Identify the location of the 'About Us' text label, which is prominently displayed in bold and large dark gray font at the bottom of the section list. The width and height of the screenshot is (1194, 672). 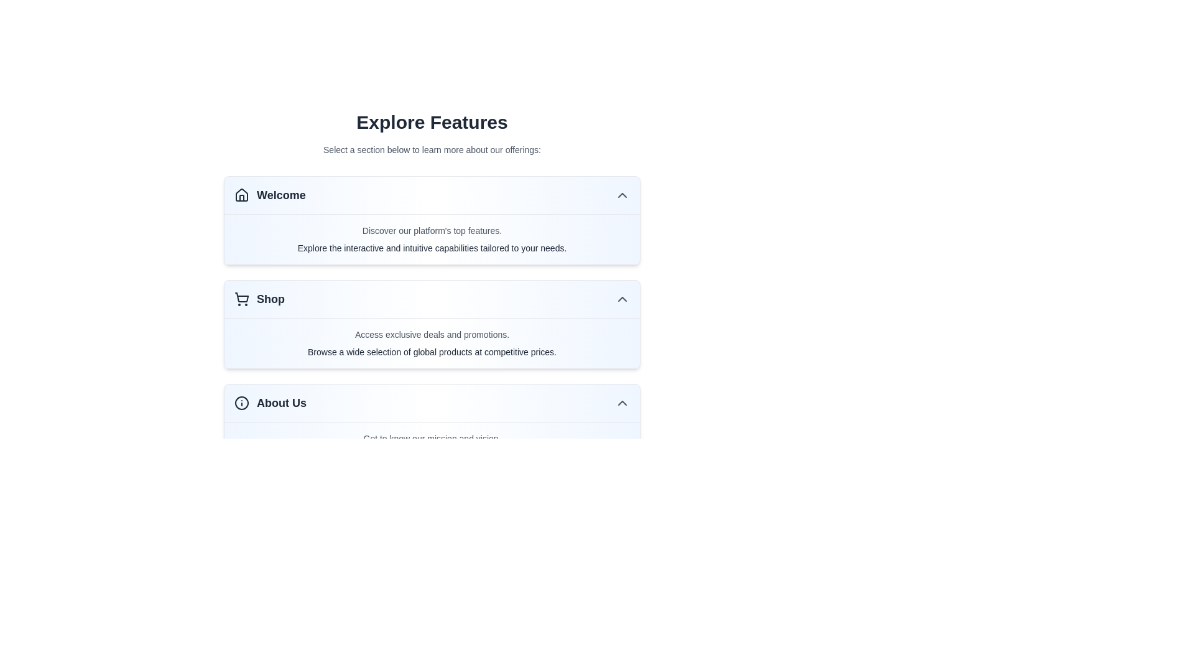
(280, 403).